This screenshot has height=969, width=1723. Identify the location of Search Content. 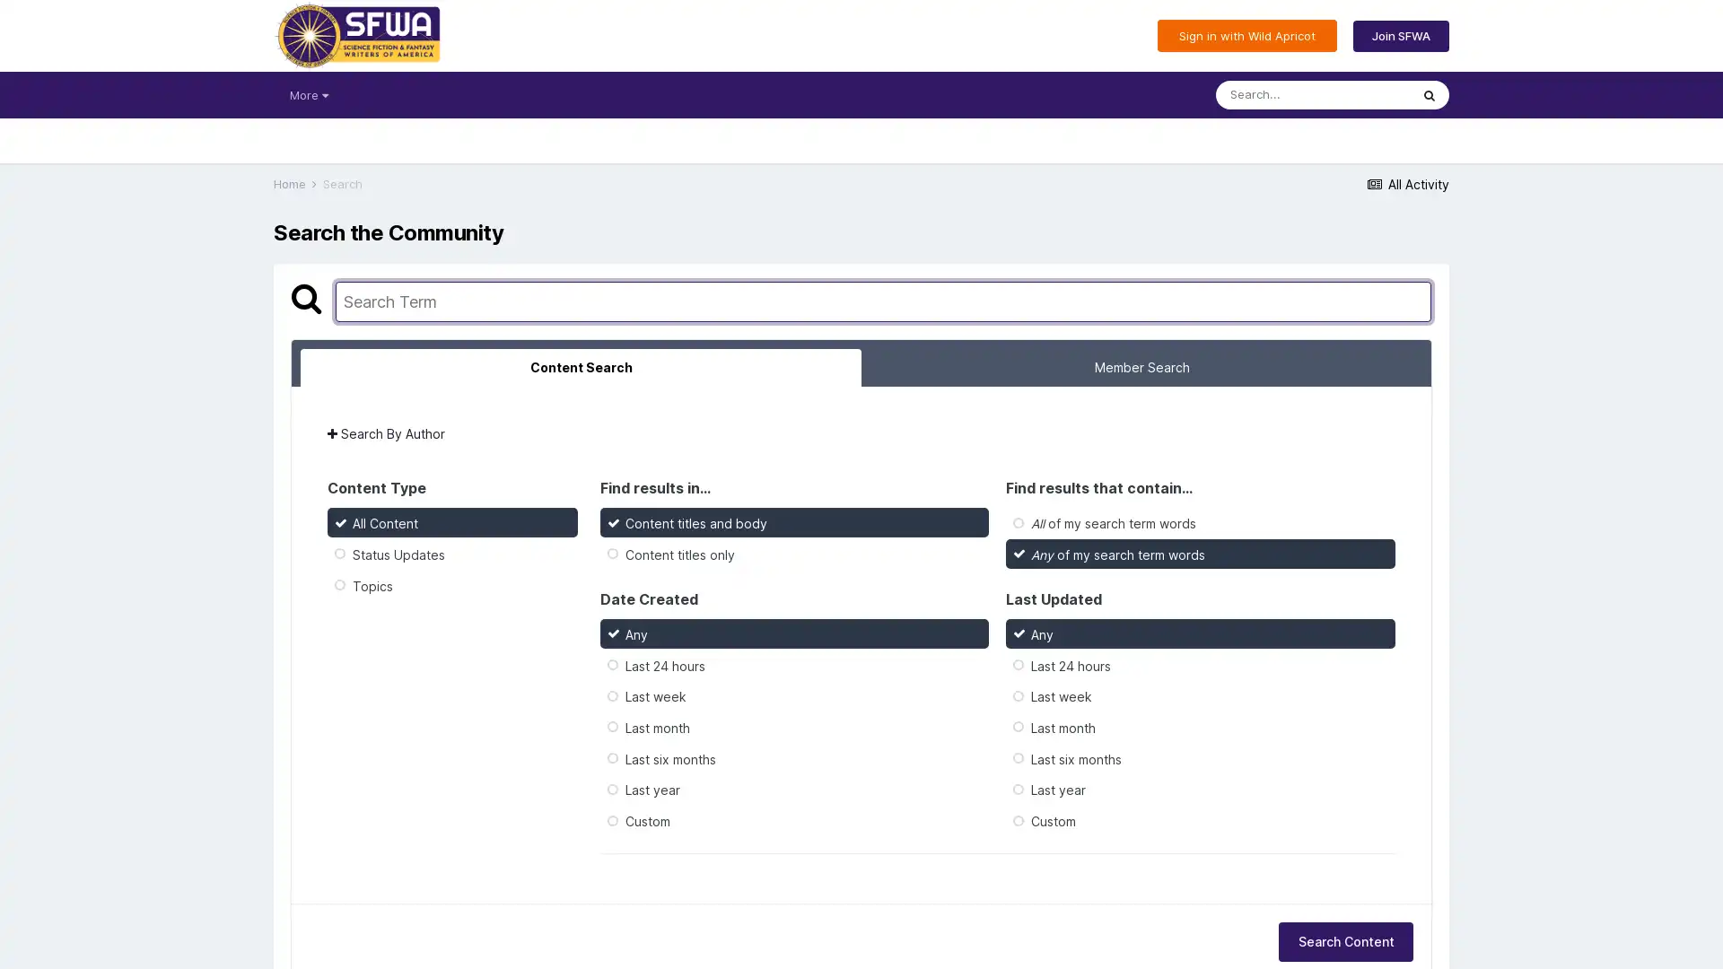
(1345, 940).